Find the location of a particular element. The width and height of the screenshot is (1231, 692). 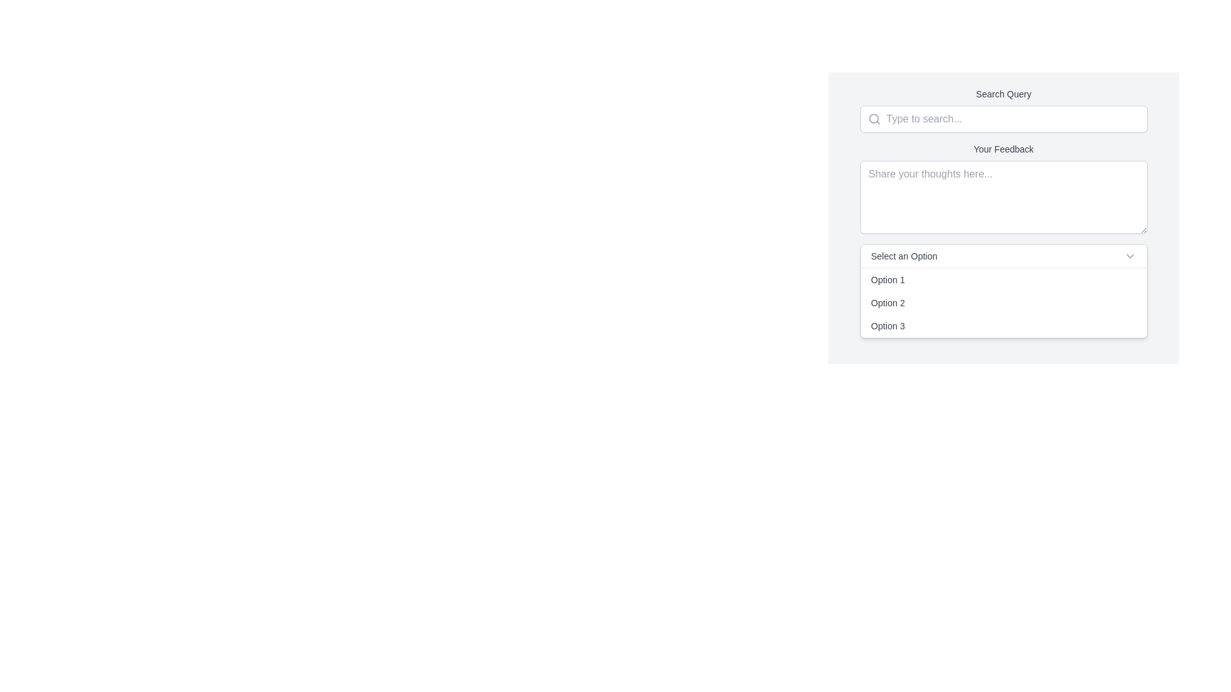

to select 'Option 3' from the dropdown menu, which is the third item in a vertical list of options is located at coordinates (1003, 325).